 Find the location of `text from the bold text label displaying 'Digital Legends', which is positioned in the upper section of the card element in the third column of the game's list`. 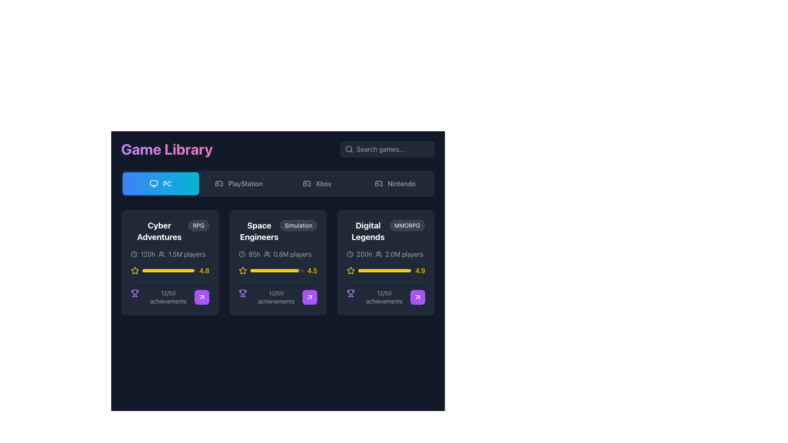

text from the bold text label displaying 'Digital Legends', which is positioned in the upper section of the card element in the third column of the game's list is located at coordinates (368, 231).